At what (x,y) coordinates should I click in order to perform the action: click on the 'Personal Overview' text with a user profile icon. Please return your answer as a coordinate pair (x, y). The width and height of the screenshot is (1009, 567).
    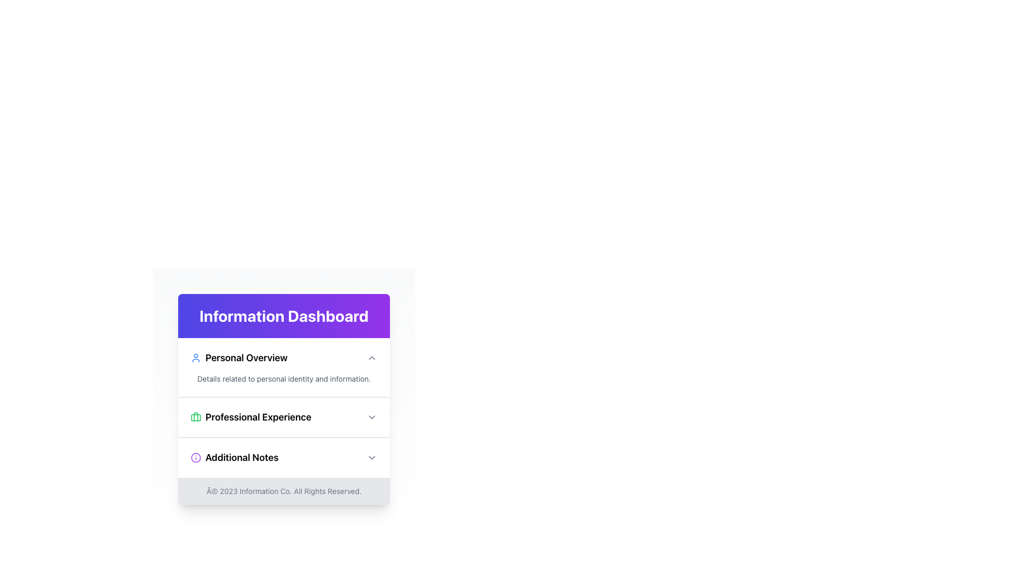
    Looking at the image, I should click on (239, 358).